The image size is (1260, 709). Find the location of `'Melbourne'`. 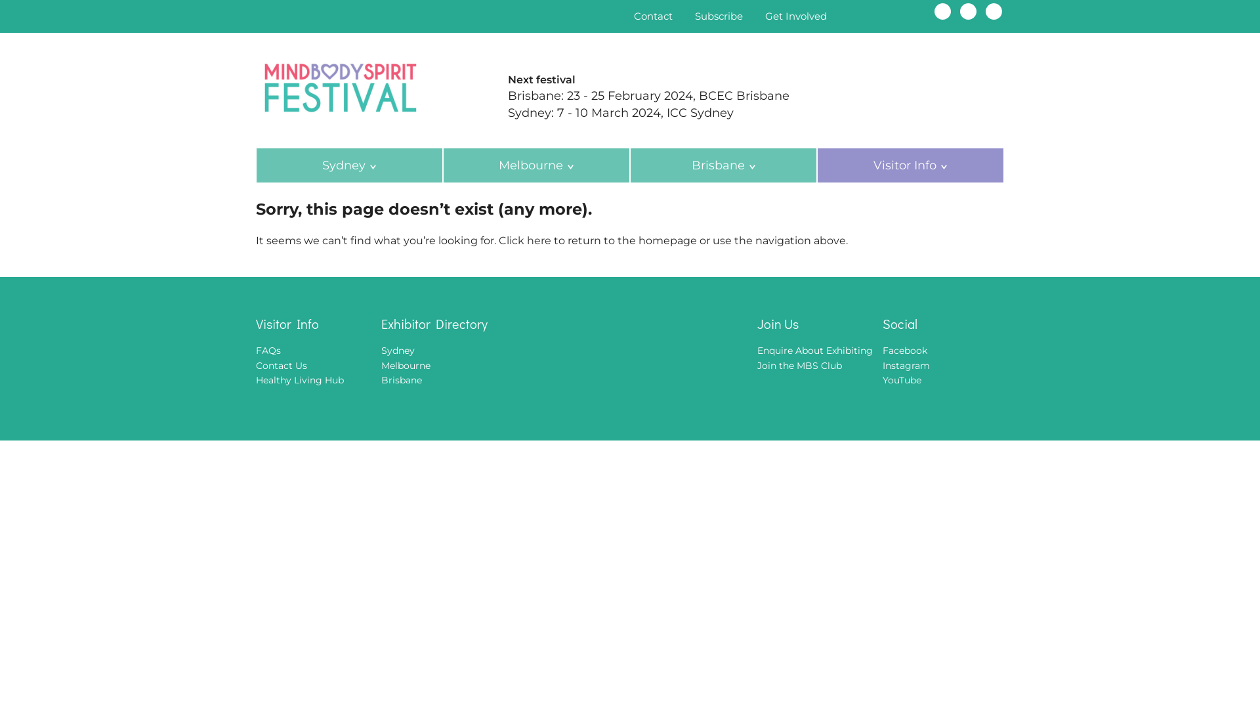

'Melbourne' is located at coordinates (536, 164).